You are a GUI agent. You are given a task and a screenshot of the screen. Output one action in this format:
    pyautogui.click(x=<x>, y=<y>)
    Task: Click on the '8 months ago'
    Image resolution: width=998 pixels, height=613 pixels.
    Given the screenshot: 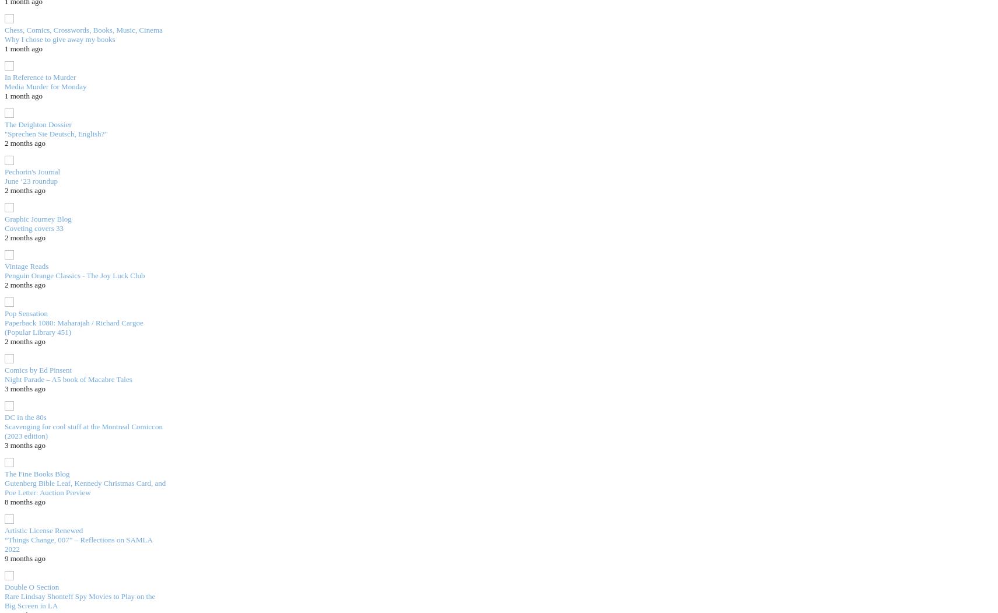 What is the action you would take?
    pyautogui.click(x=24, y=500)
    